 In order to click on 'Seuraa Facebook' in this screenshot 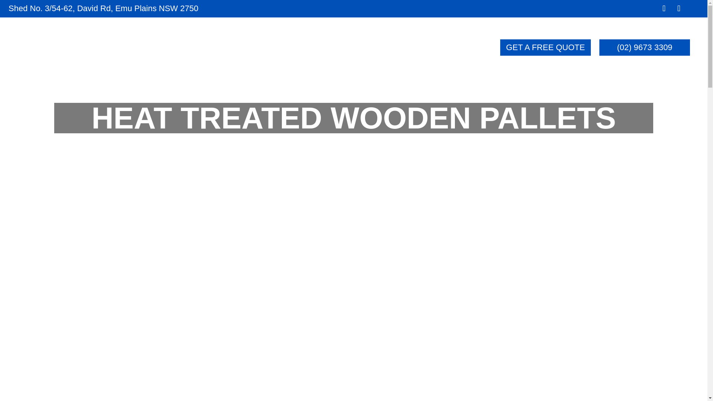, I will do `click(664, 9)`.